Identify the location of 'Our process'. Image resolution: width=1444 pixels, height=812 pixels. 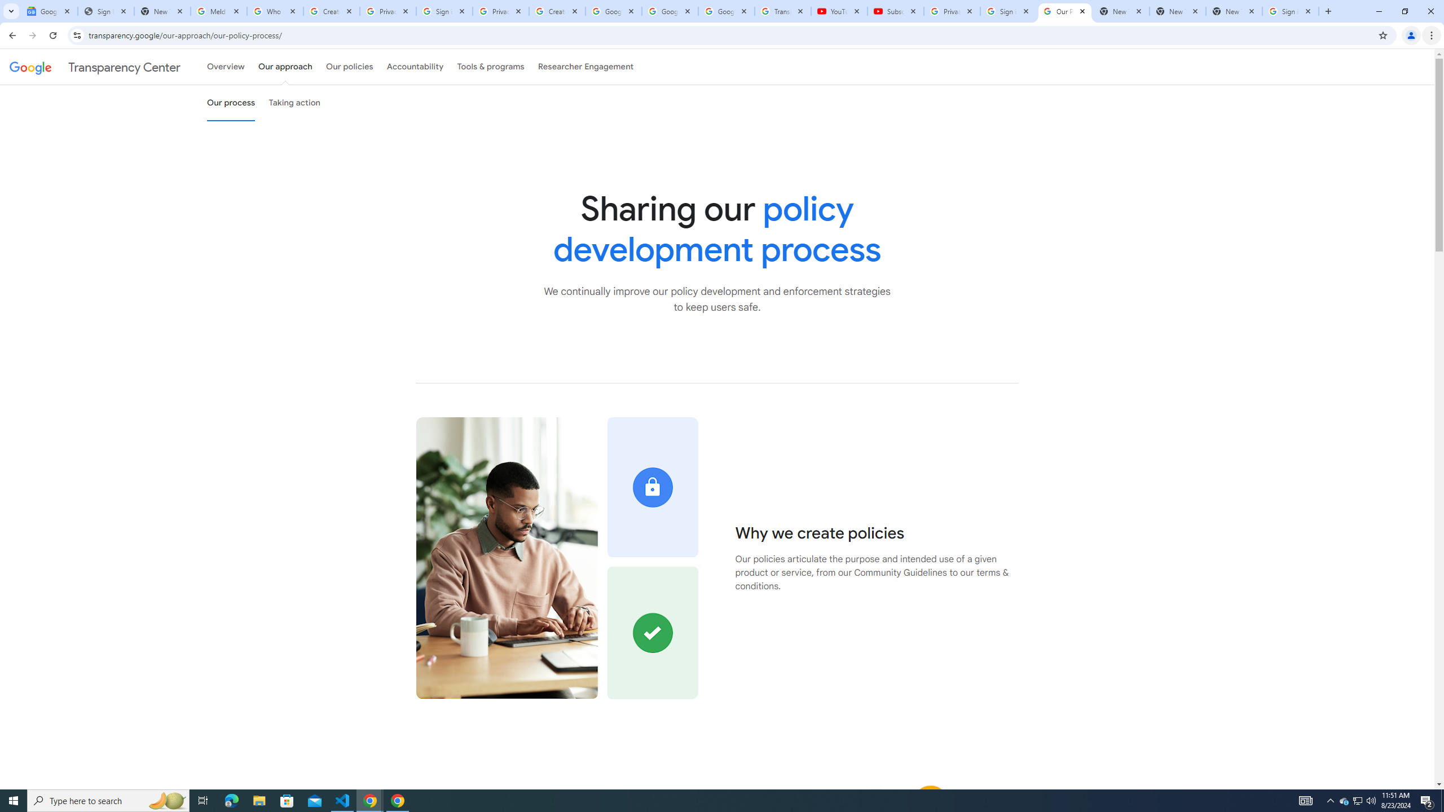
(230, 102).